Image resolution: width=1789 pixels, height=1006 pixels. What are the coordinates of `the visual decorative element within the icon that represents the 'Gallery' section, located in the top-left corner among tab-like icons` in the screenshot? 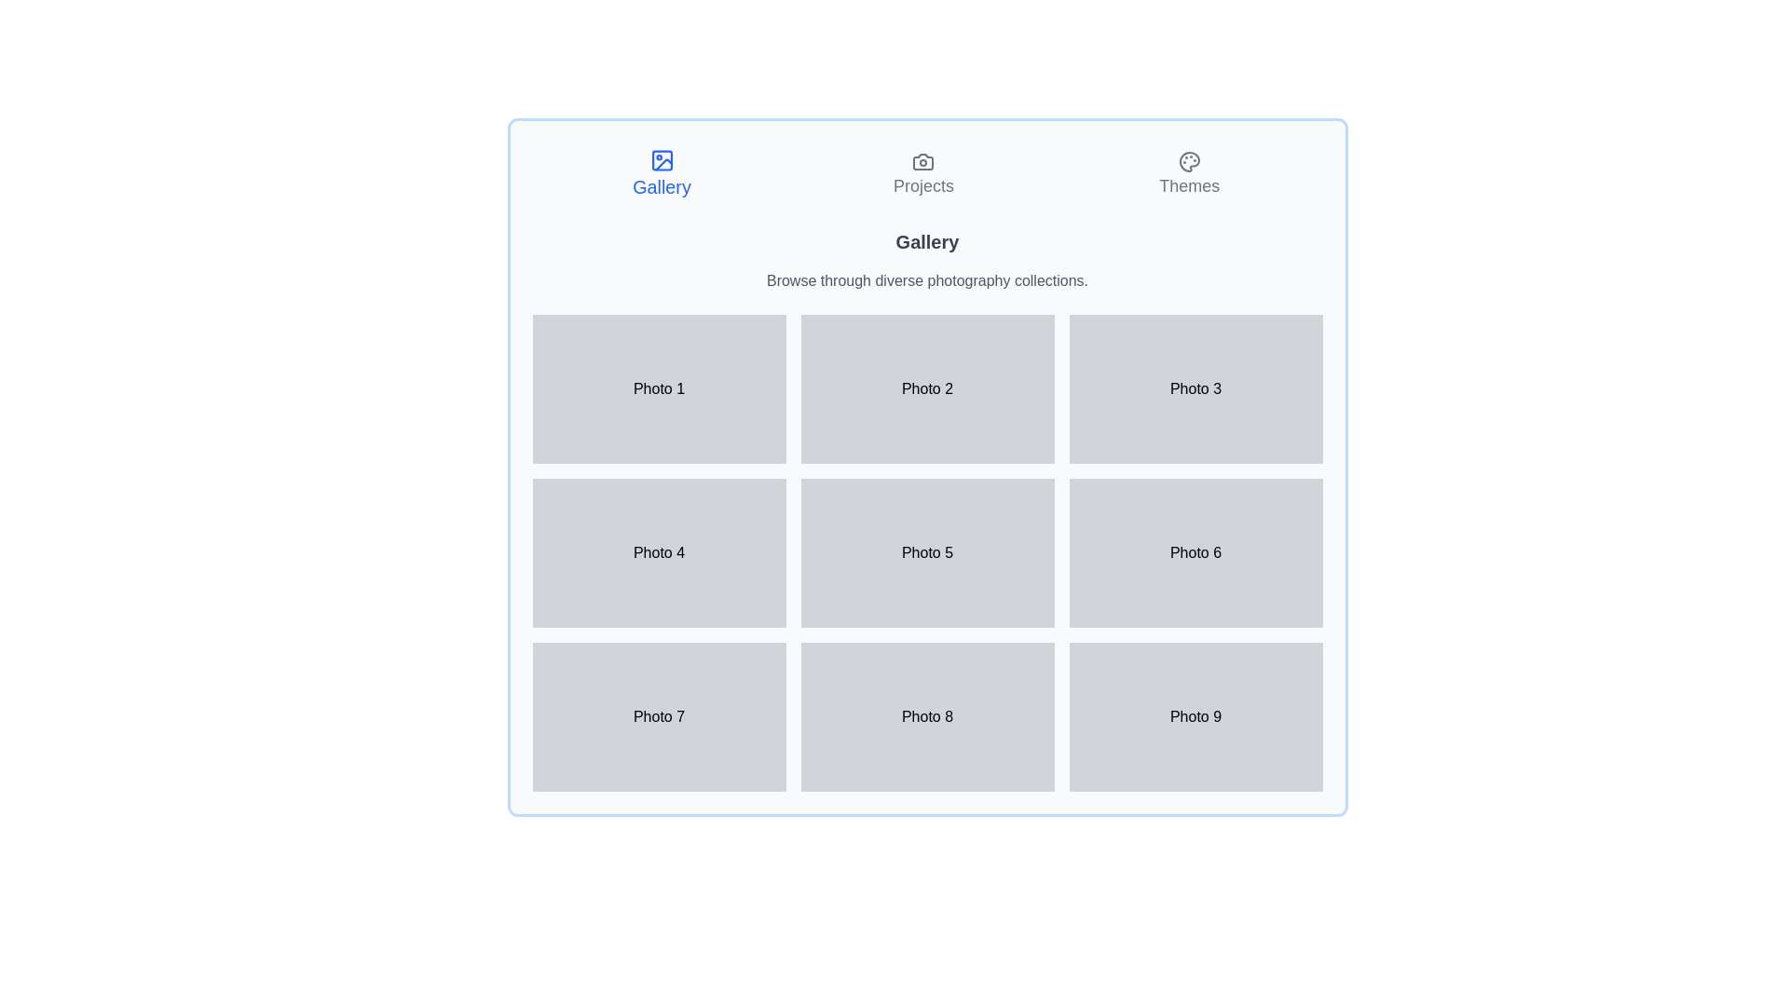 It's located at (662, 159).